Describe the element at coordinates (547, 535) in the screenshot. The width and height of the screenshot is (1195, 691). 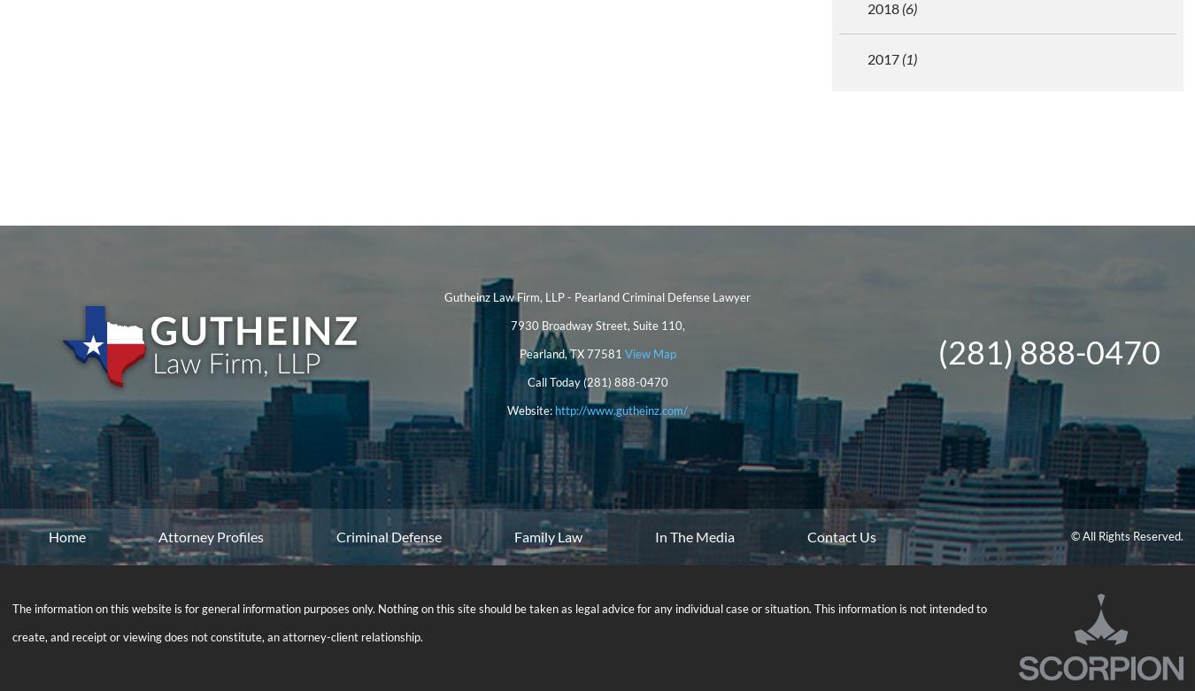
I see `'Family Law'` at that location.